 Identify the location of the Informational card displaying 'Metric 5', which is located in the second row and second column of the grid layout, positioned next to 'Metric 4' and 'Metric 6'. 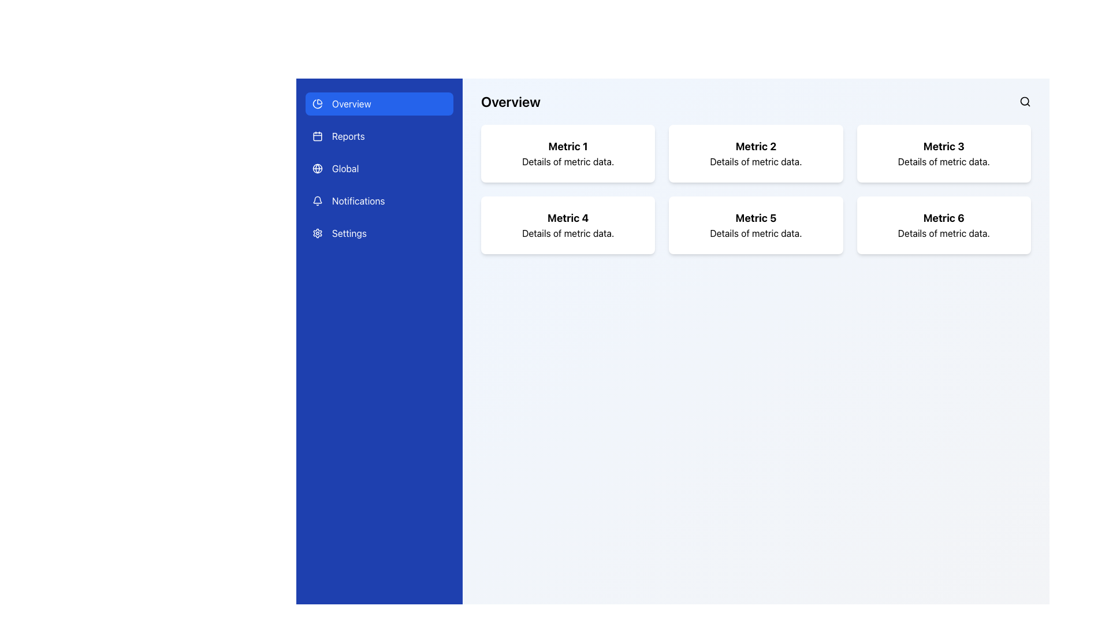
(756, 225).